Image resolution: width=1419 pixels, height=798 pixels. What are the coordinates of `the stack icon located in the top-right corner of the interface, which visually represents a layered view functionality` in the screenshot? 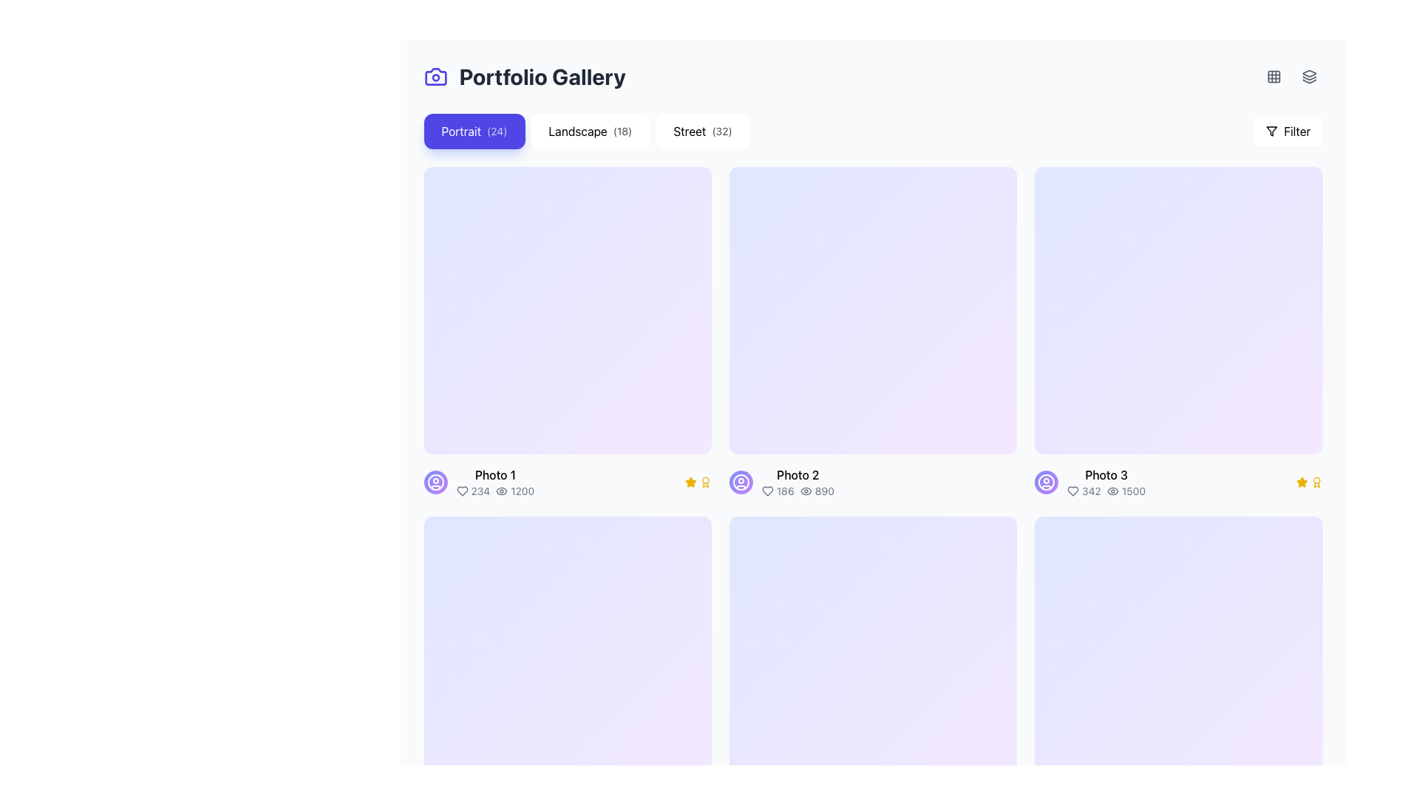 It's located at (1309, 81).